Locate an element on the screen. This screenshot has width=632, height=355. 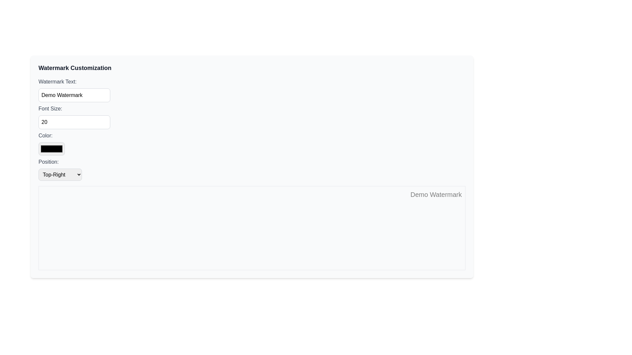
the color picker input field for watermark customization located under the 'Color:' label, allowing for keyboard navigation is located at coordinates (51, 149).